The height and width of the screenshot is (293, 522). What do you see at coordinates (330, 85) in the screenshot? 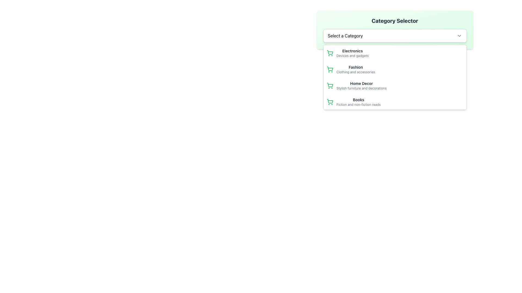
I see `the 'Home Decor' category icon, which is the first item in the selector dropdown and located next to the text 'Home Decor' and 'Stylish furniture and decorations'` at bounding box center [330, 85].